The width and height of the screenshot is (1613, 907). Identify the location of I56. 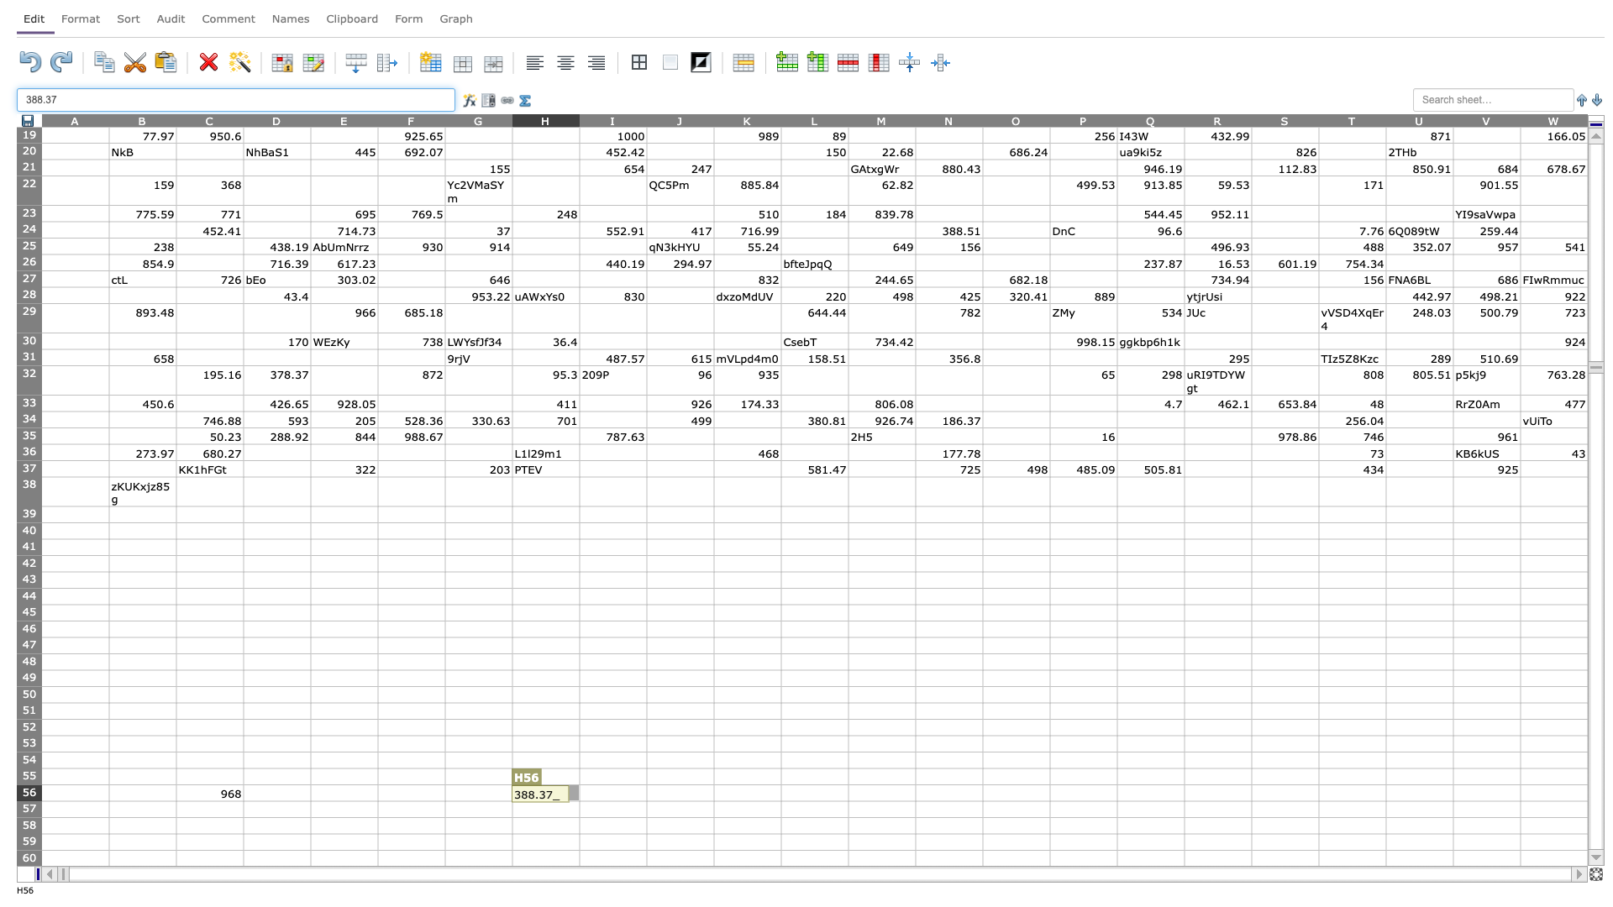
(612, 793).